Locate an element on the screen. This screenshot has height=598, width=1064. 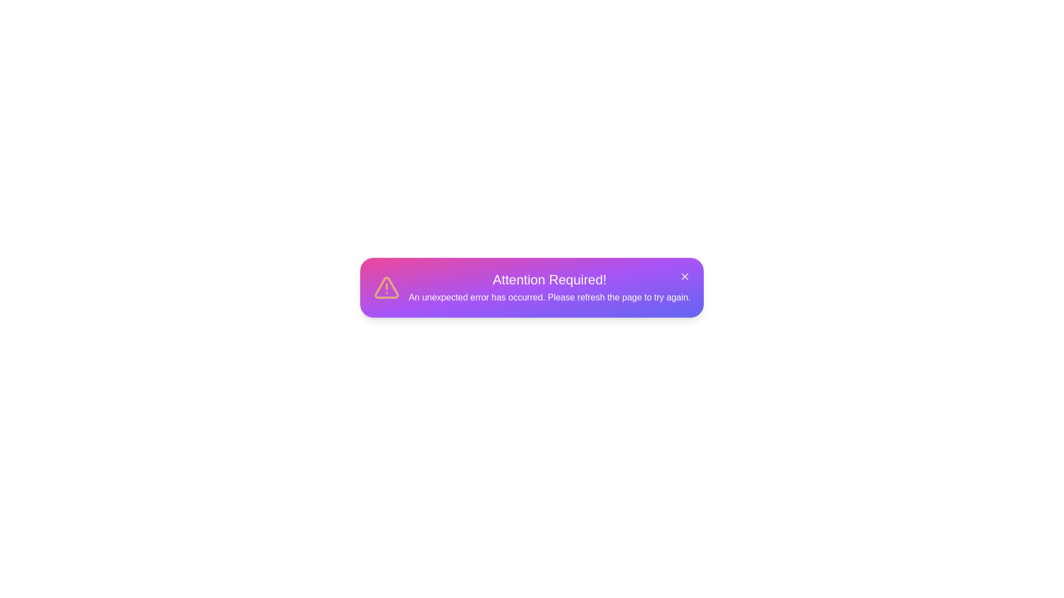
the attention icon is located at coordinates (386, 292).